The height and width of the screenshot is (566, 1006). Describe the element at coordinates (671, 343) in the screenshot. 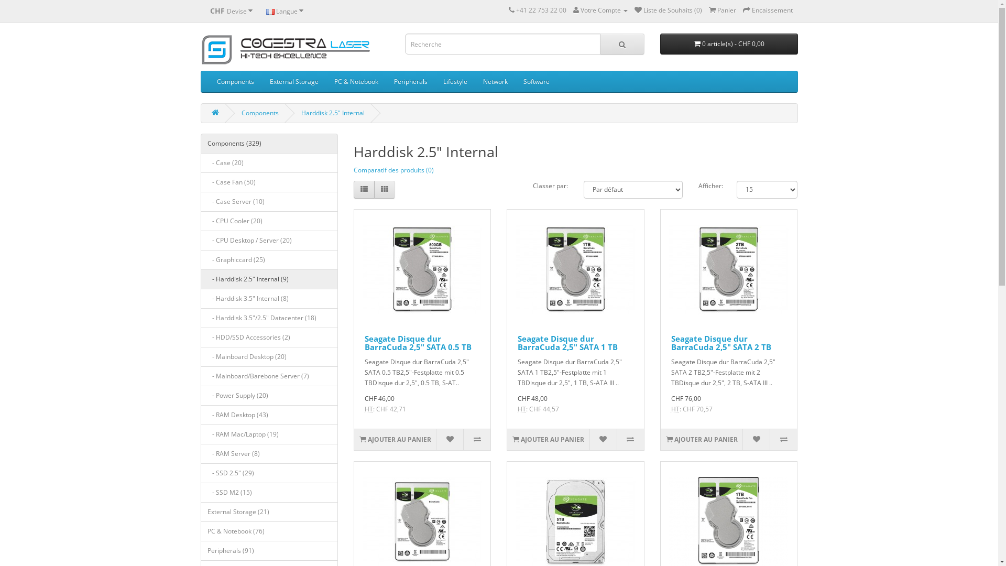

I see `'Seagate Disque dur BarraCuda 2,5" SATA 2 TB'` at that location.